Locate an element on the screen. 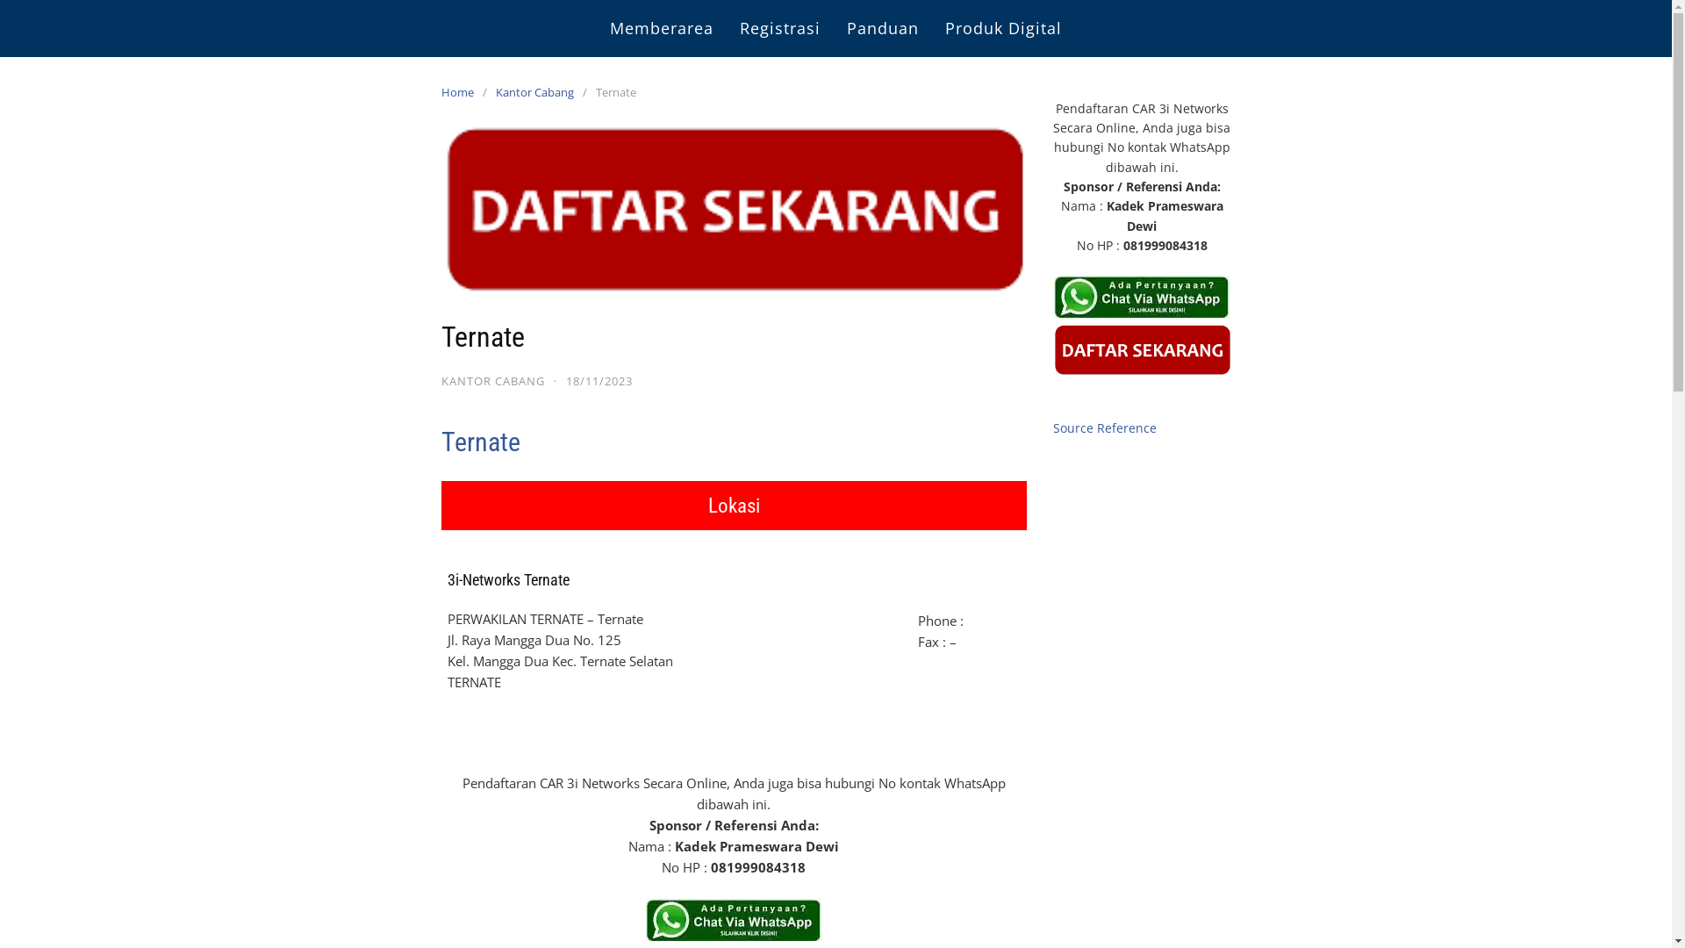  'Registrasi' is located at coordinates (778, 28).